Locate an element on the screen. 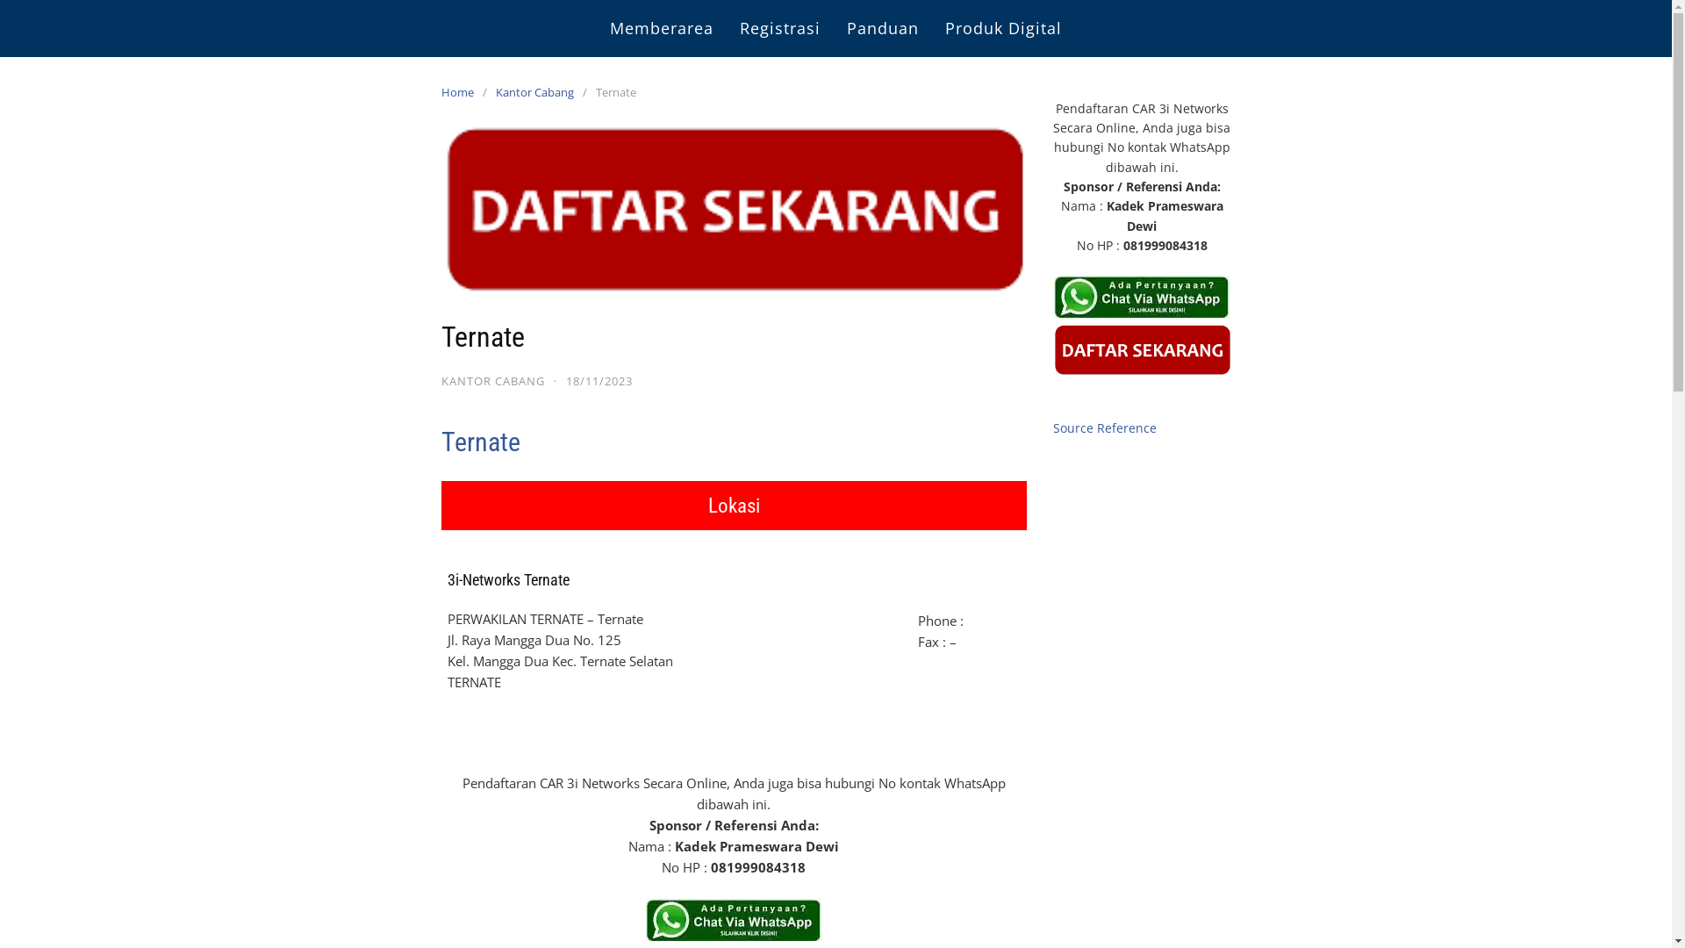  'Registrasi' is located at coordinates (778, 28).